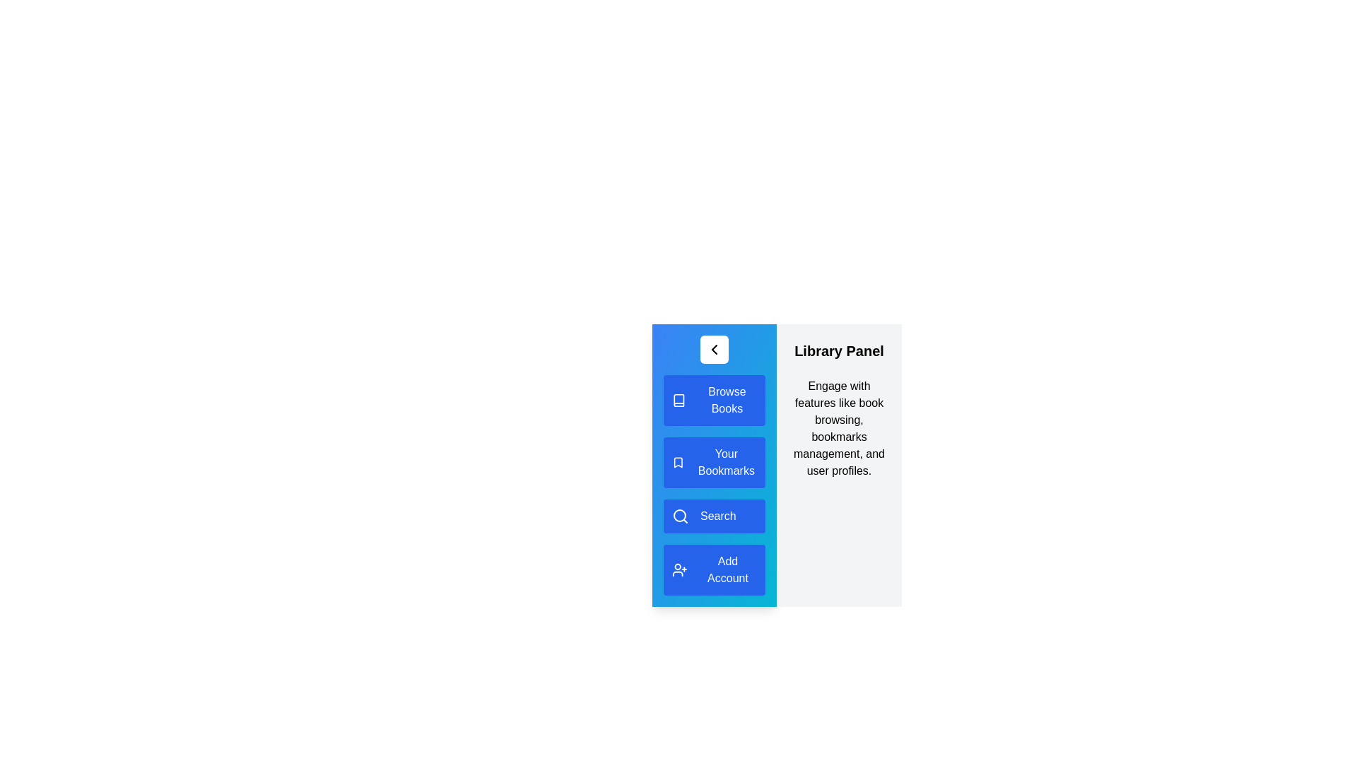  What do you see at coordinates (715, 569) in the screenshot?
I see `the menu item Add Account from the LibraryDrawer` at bounding box center [715, 569].